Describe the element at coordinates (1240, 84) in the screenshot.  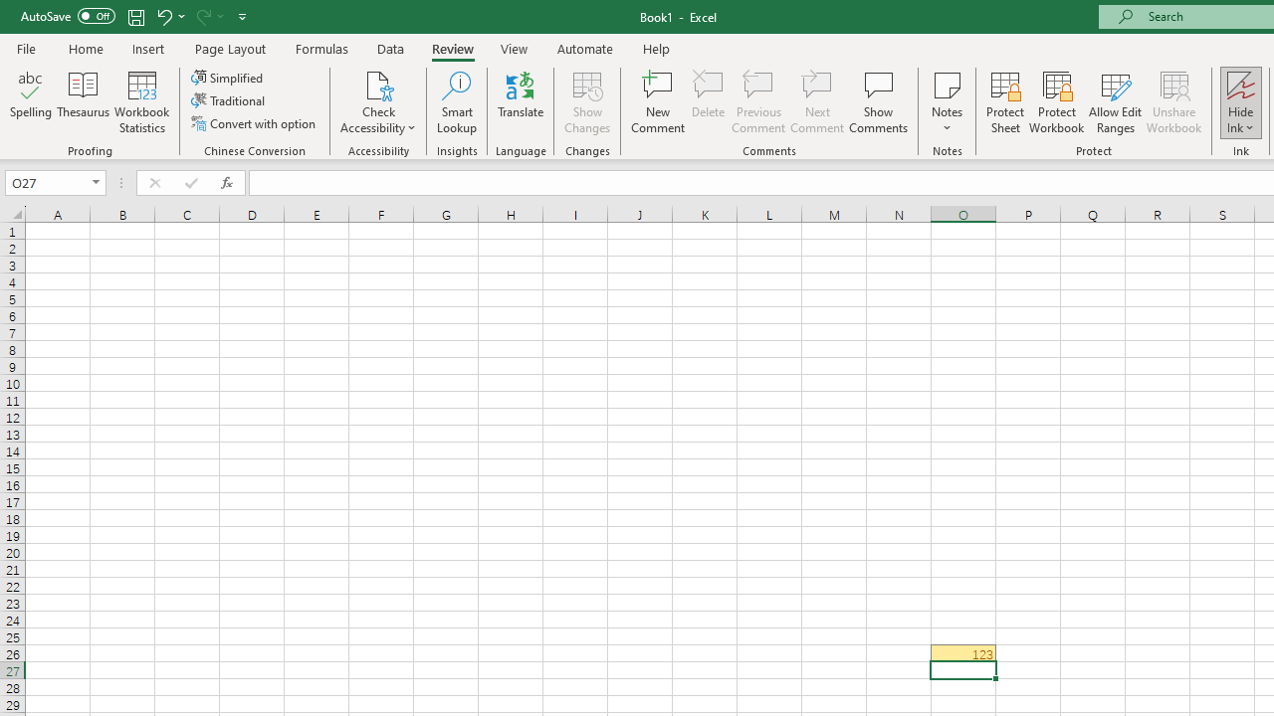
I see `'Hide Ink'` at that location.